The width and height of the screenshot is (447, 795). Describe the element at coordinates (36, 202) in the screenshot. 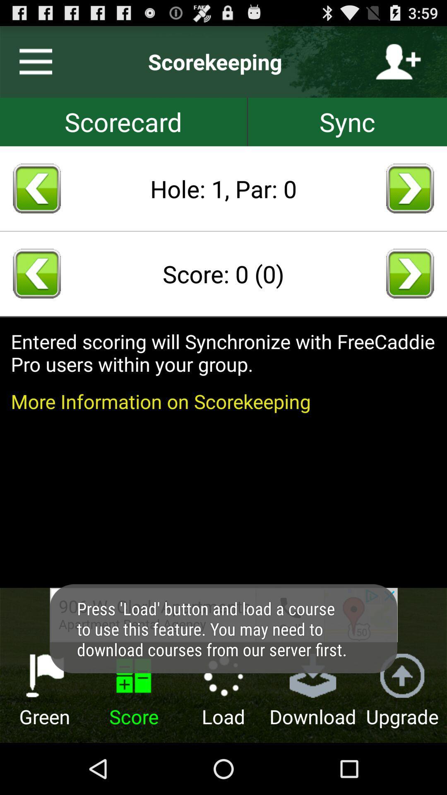

I see `the arrow_backward icon` at that location.